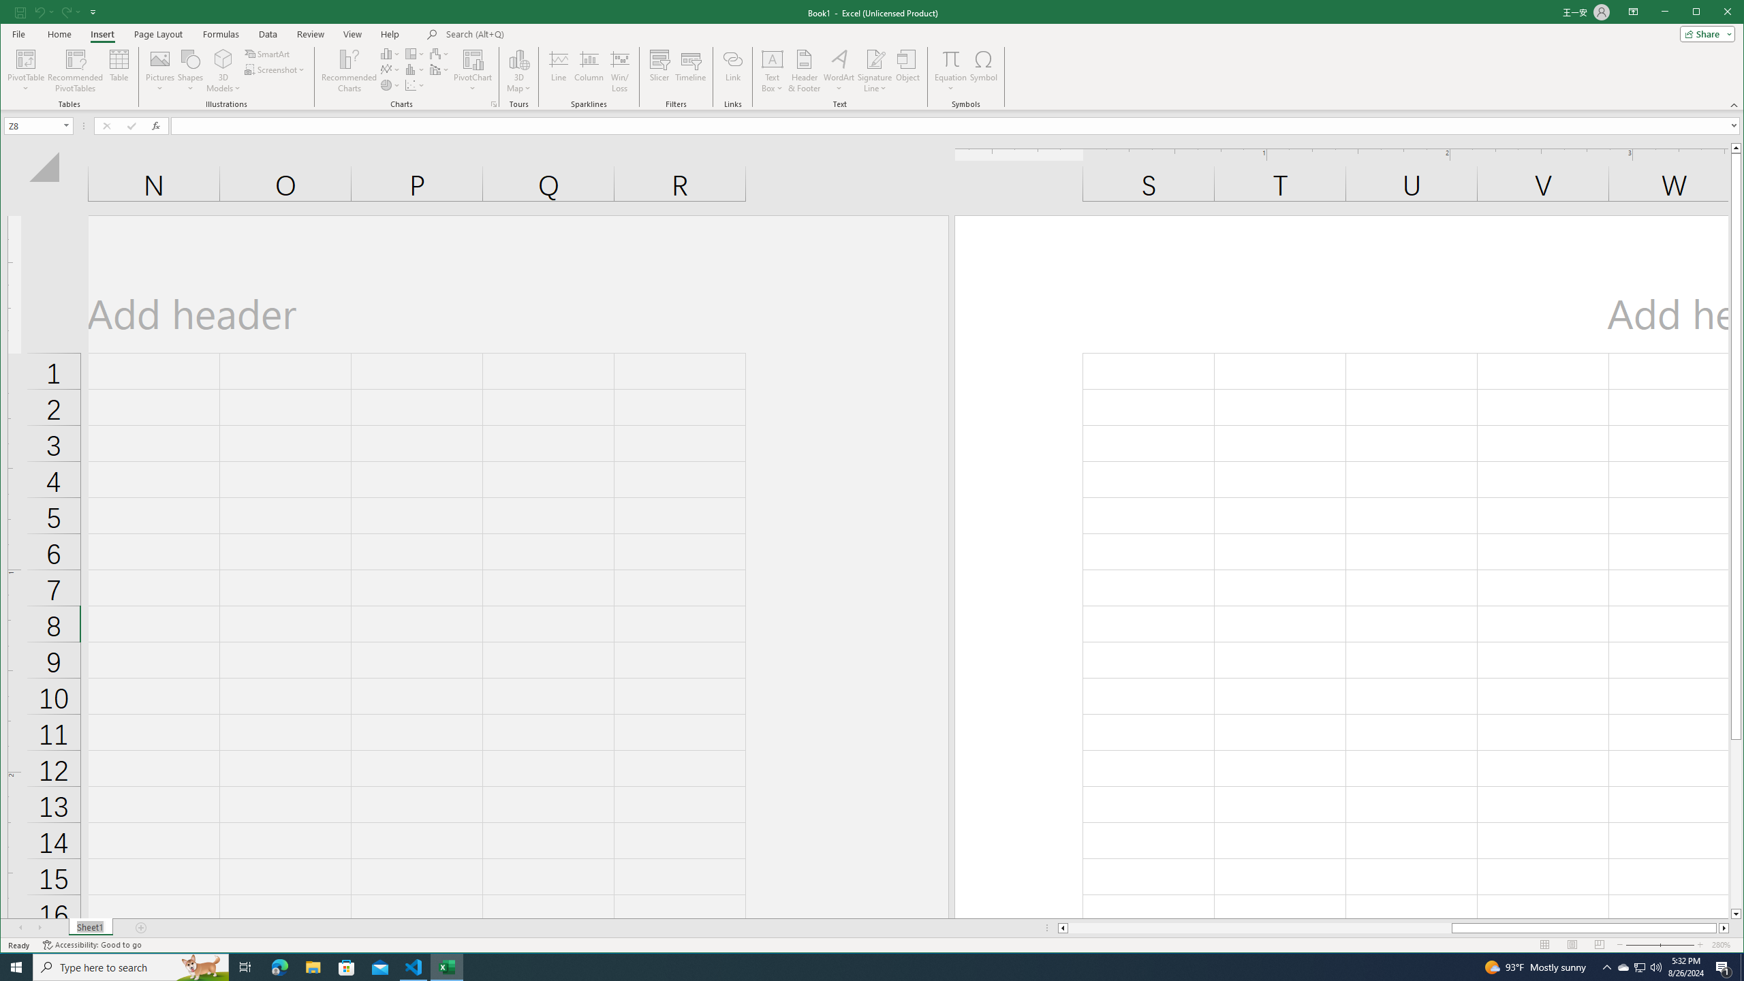  What do you see at coordinates (439, 69) in the screenshot?
I see `'Insert Combo Chart'` at bounding box center [439, 69].